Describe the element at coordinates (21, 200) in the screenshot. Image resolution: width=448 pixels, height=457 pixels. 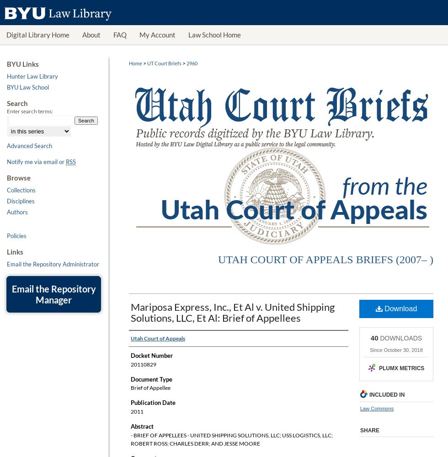
I see `'Disciplines'` at that location.